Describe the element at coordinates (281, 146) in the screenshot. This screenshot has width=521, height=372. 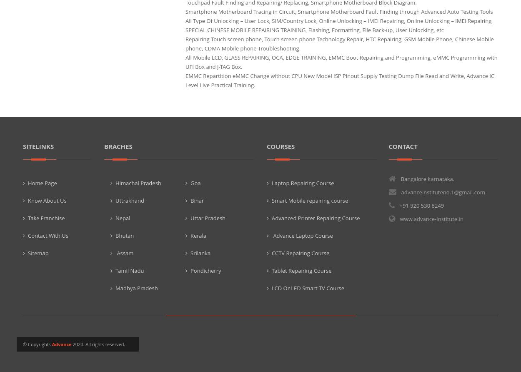
I see `'Courses'` at that location.